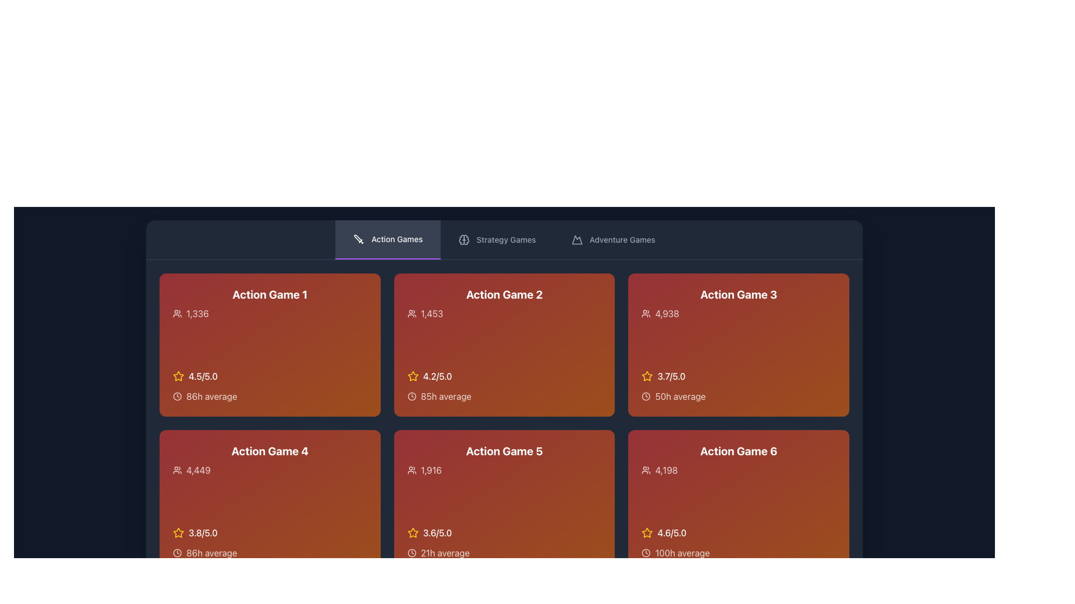 This screenshot has width=1075, height=604. Describe the element at coordinates (445, 552) in the screenshot. I see `the Text label that conveys information about the average playtime of 'Action Game 5', located at the bottom-left corner of the game card, below the rating stars and to the right of a clock icon` at that location.